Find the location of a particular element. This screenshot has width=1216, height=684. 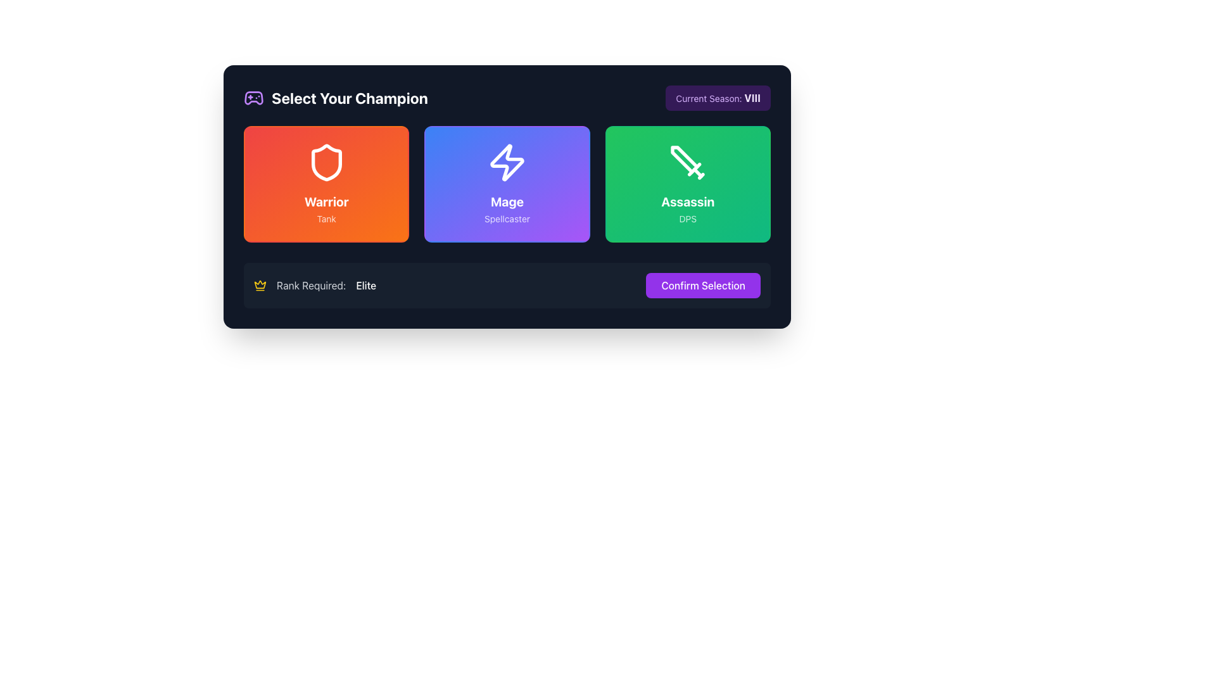

the leftmost card containing a shield-shaped icon and the text 'Warrior' in bold white font is located at coordinates (326, 184).